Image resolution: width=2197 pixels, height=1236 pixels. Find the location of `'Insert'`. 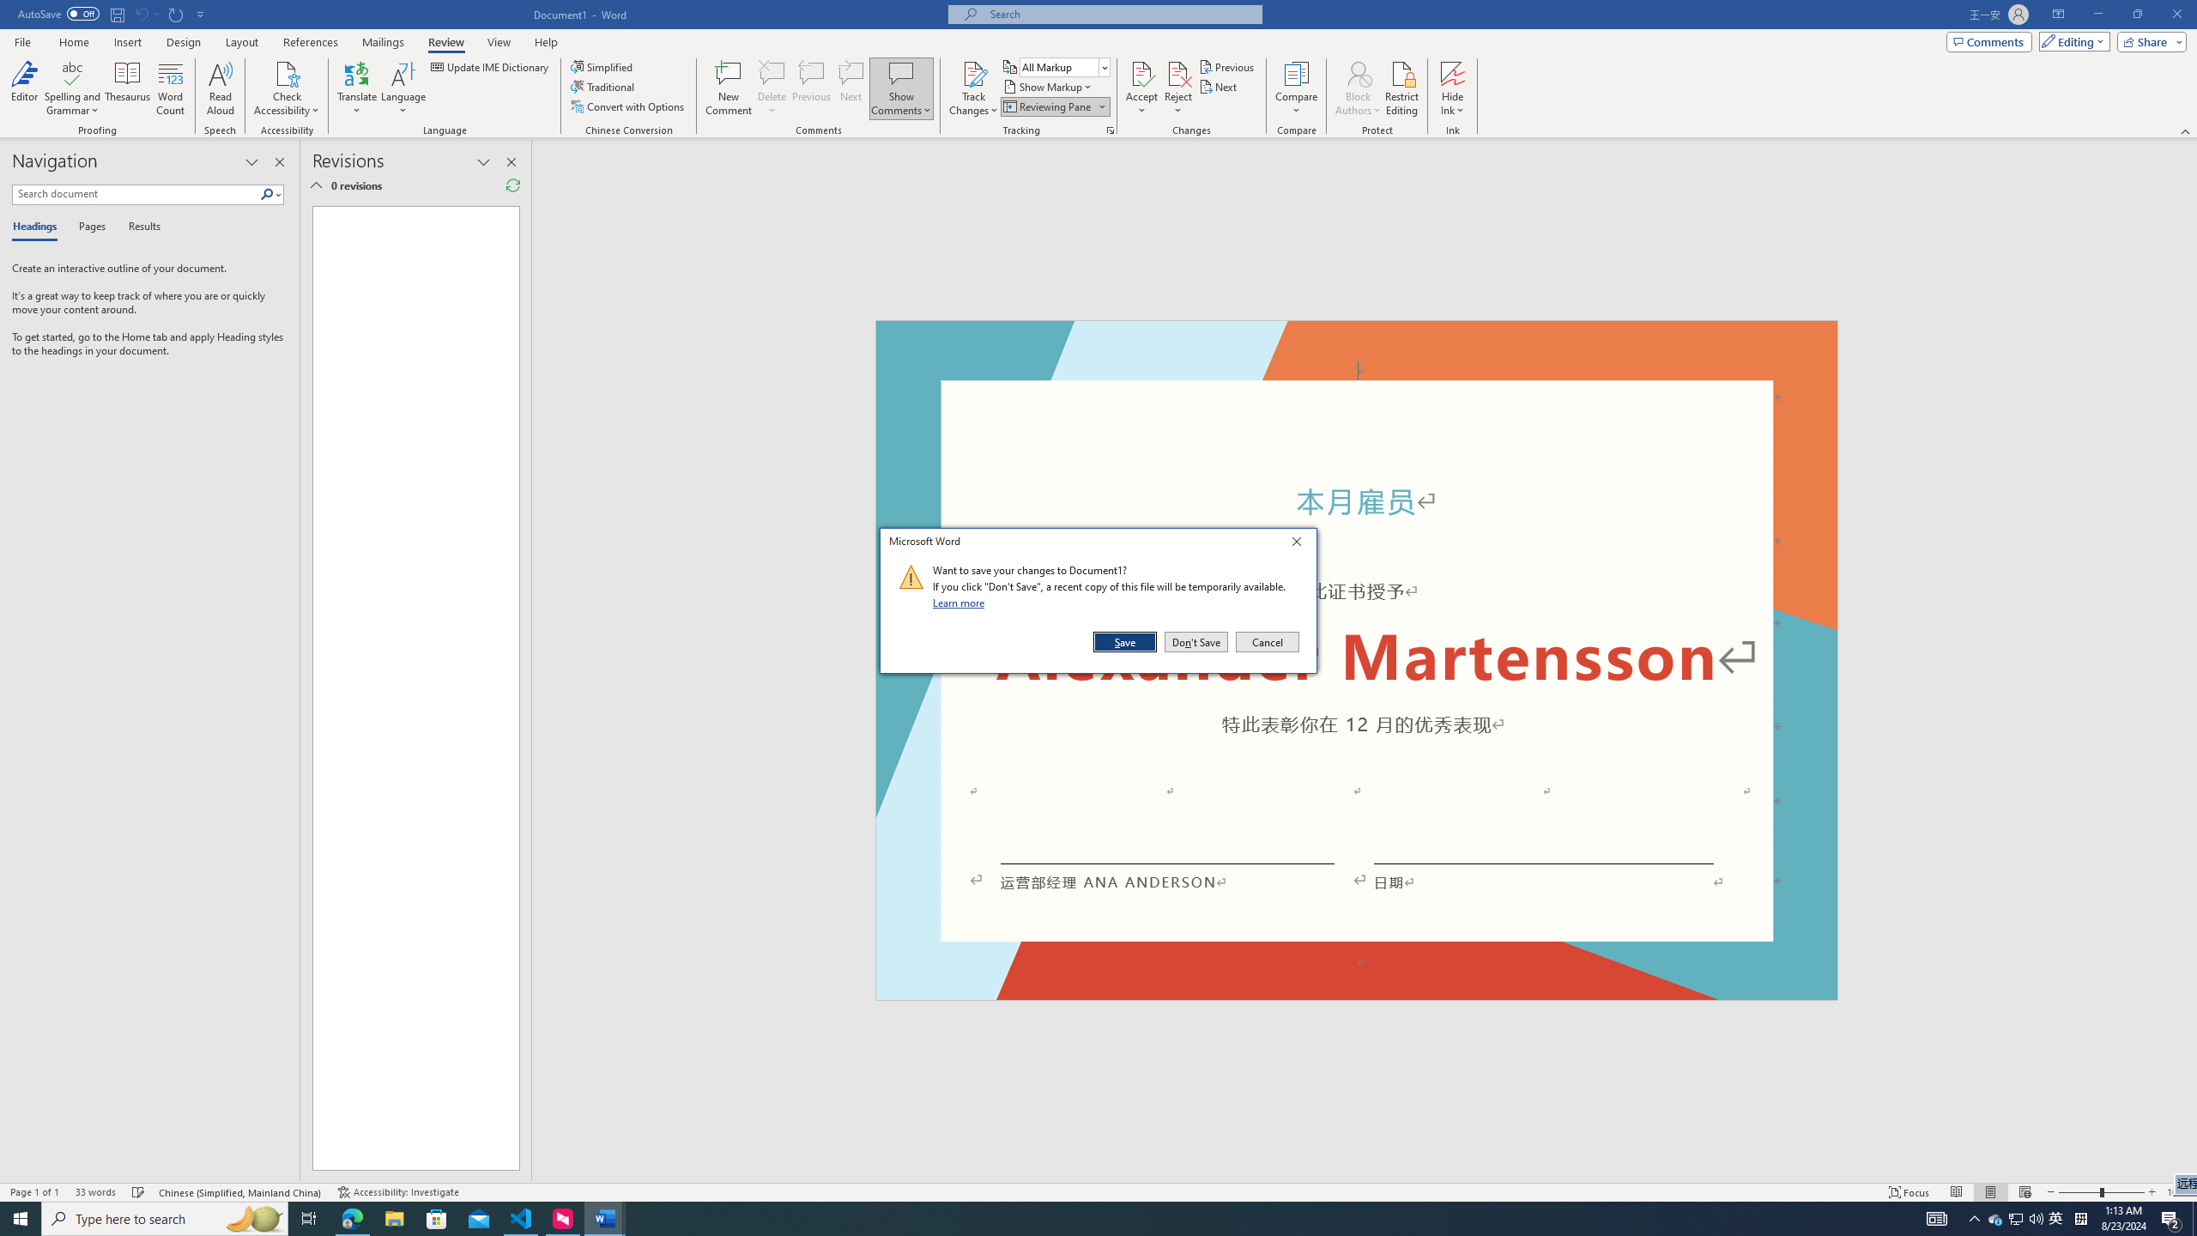

'Insert' is located at coordinates (126, 42).